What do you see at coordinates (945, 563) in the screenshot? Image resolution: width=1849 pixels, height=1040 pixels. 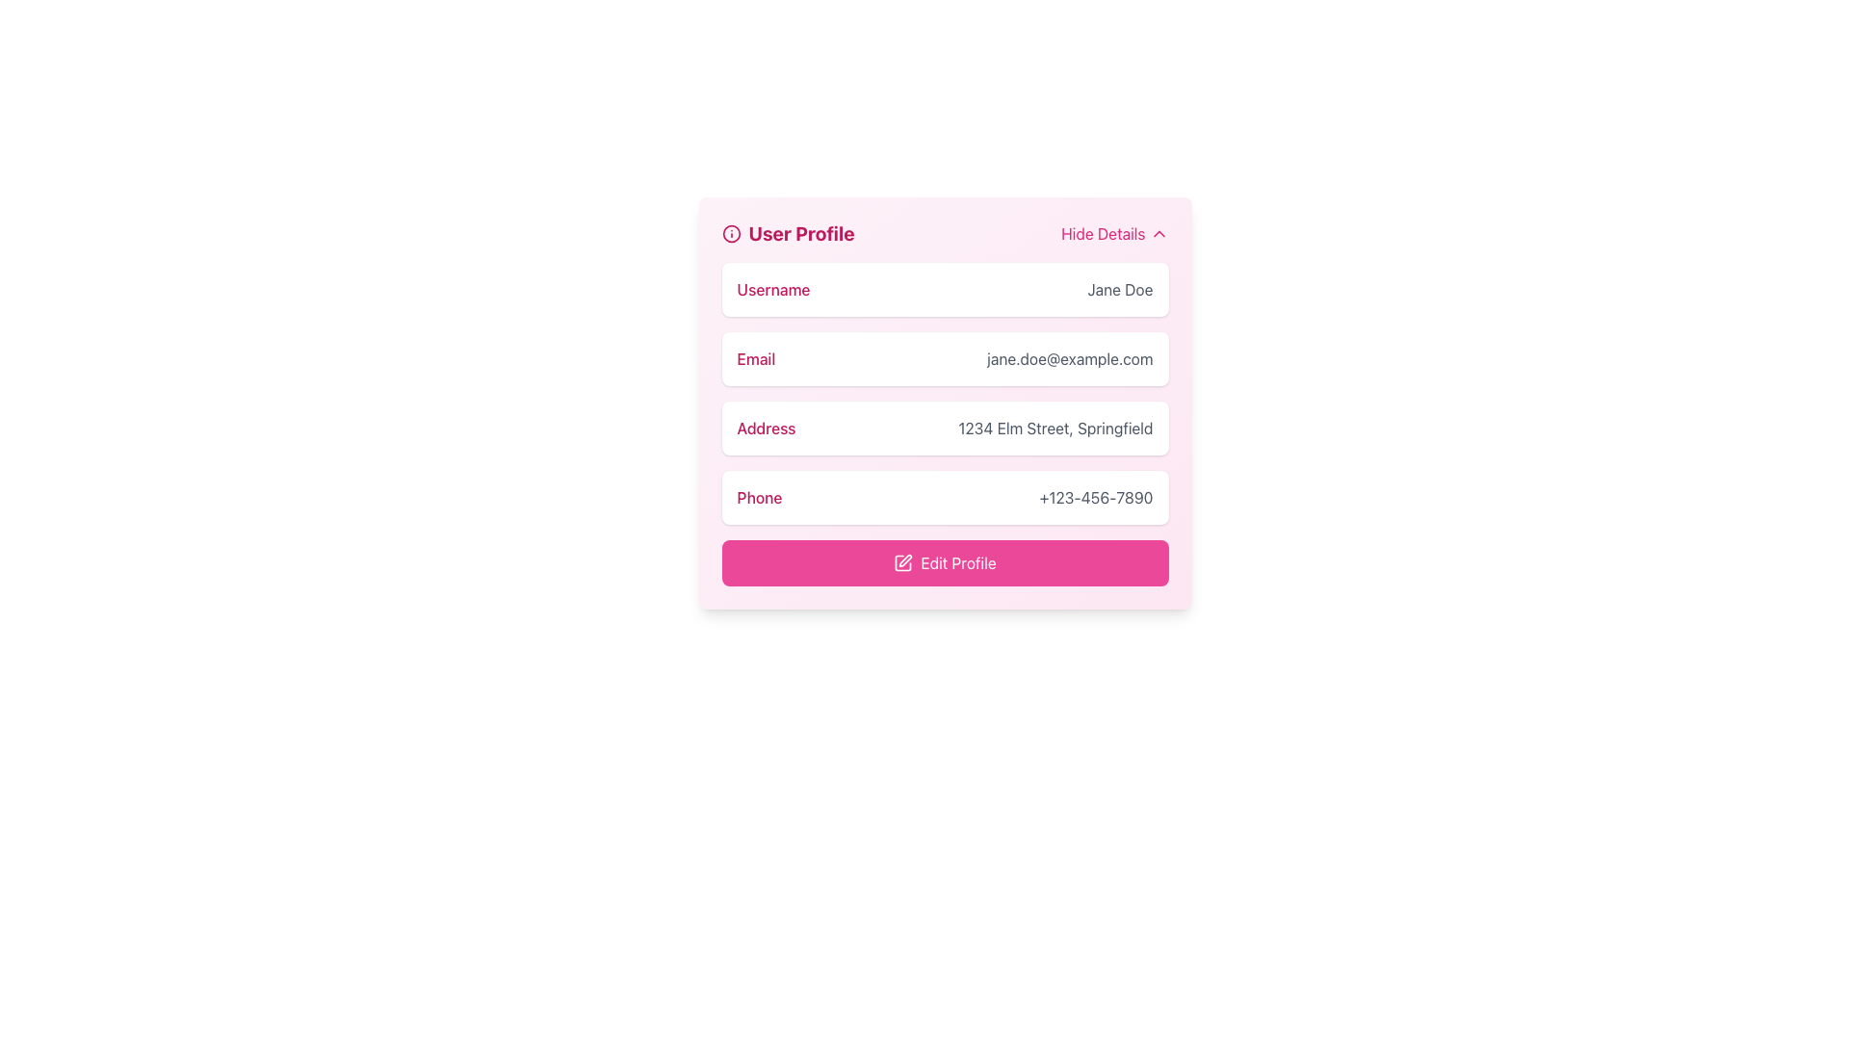 I see `the pink 'Edit Profile' button with rounded edges and white text to observe its hover effects` at bounding box center [945, 563].